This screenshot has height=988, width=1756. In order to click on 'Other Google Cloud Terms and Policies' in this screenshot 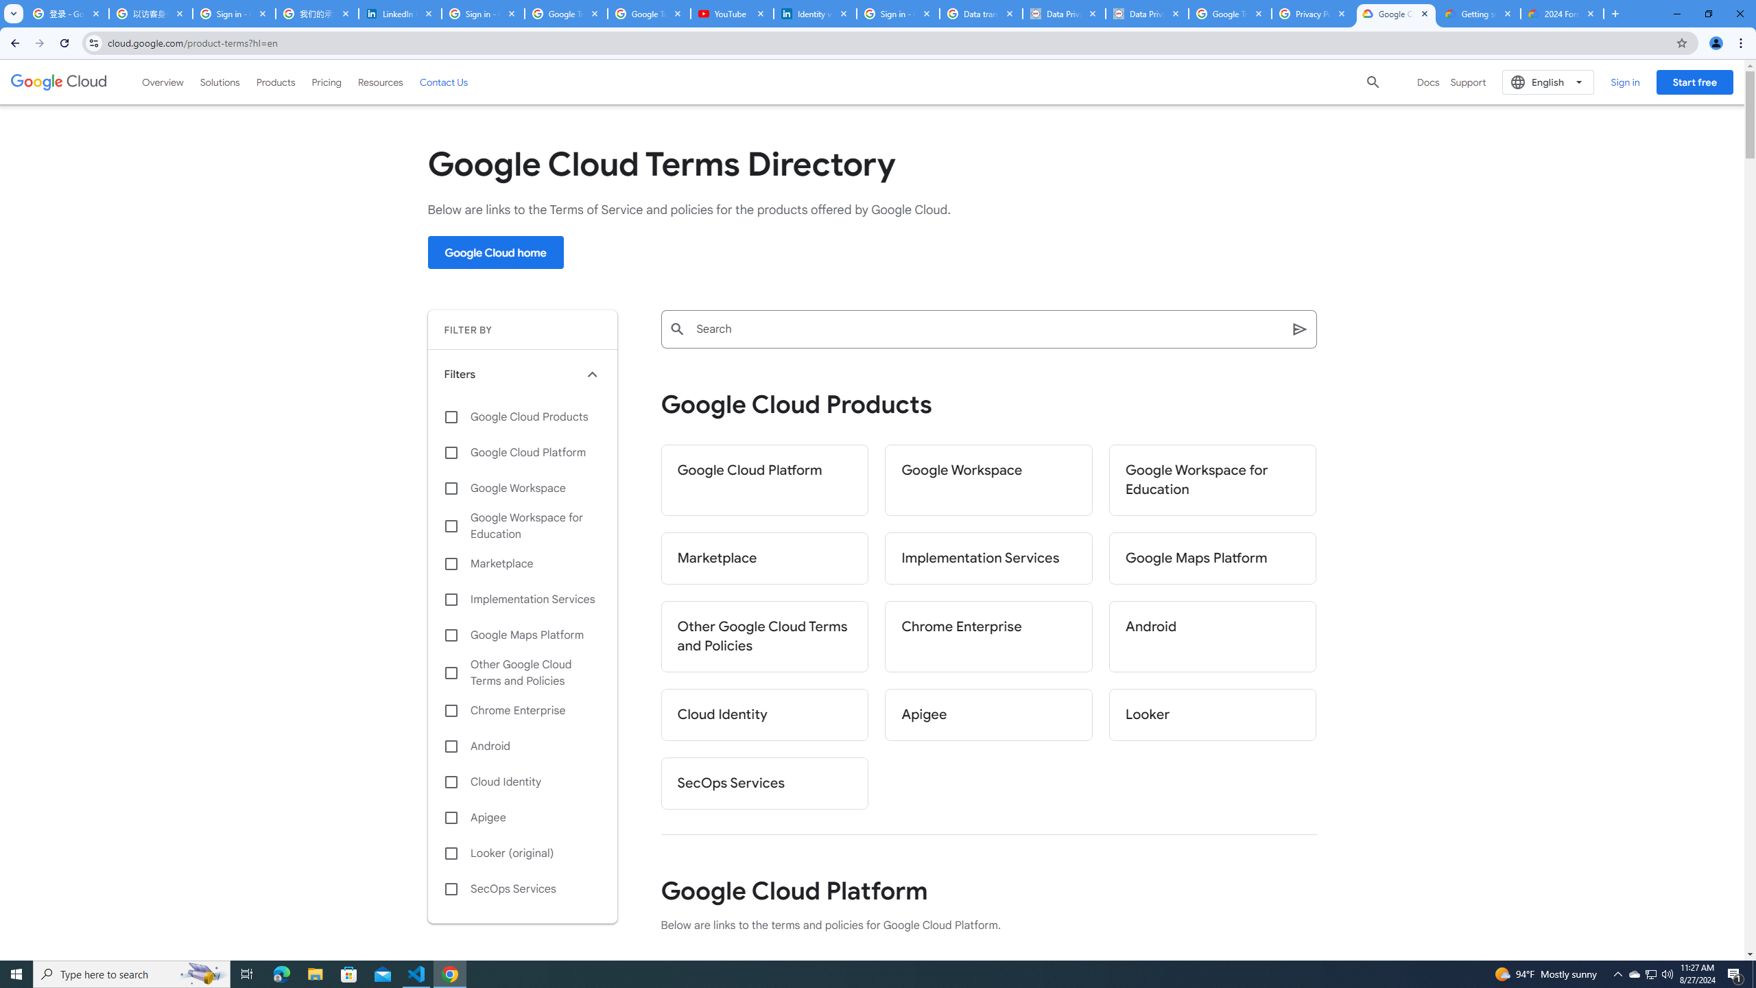, I will do `click(763, 636)`.